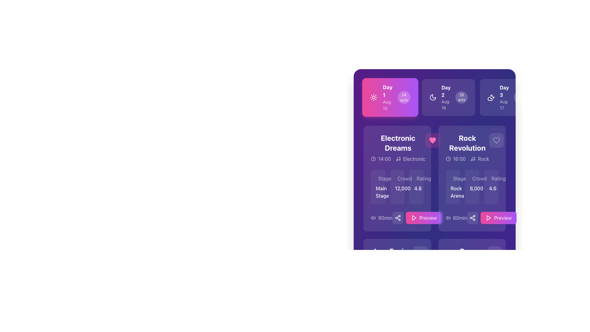 The height and width of the screenshot is (332, 590). What do you see at coordinates (472, 218) in the screenshot?
I see `the share action button with icon` at bounding box center [472, 218].